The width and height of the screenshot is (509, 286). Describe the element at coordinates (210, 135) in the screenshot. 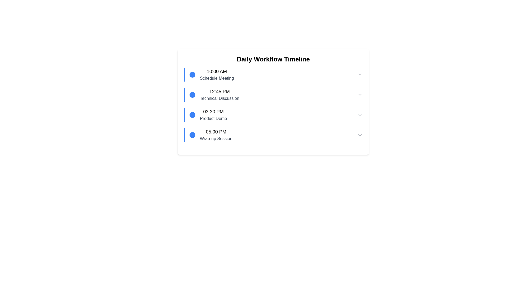

I see `details of the fourth timeline event entry, which provides a time and description for the event located near the bottom of the timeline list` at that location.